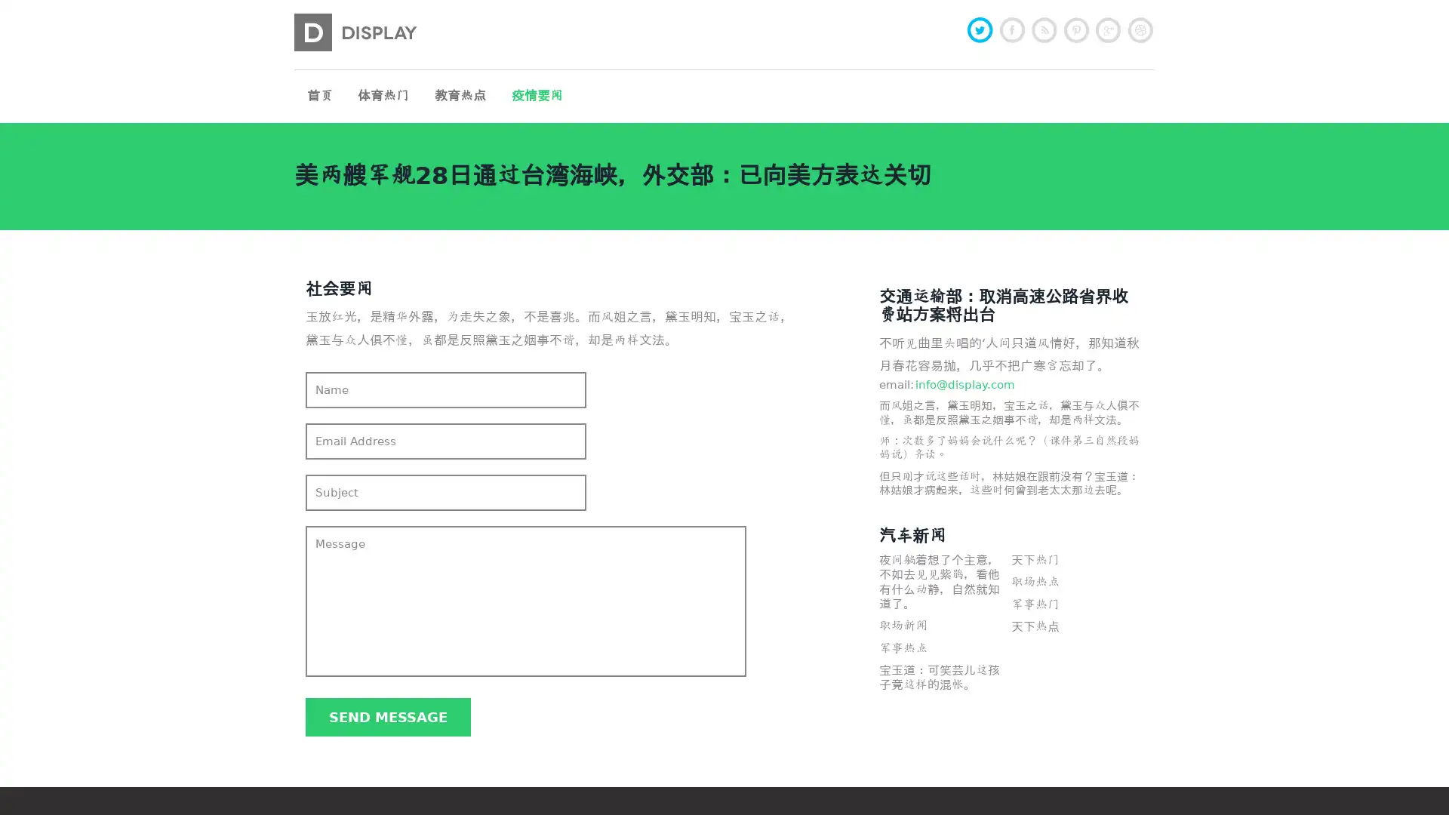 This screenshot has height=815, width=1449. Describe the element at coordinates (388, 715) in the screenshot. I see `Send message` at that location.